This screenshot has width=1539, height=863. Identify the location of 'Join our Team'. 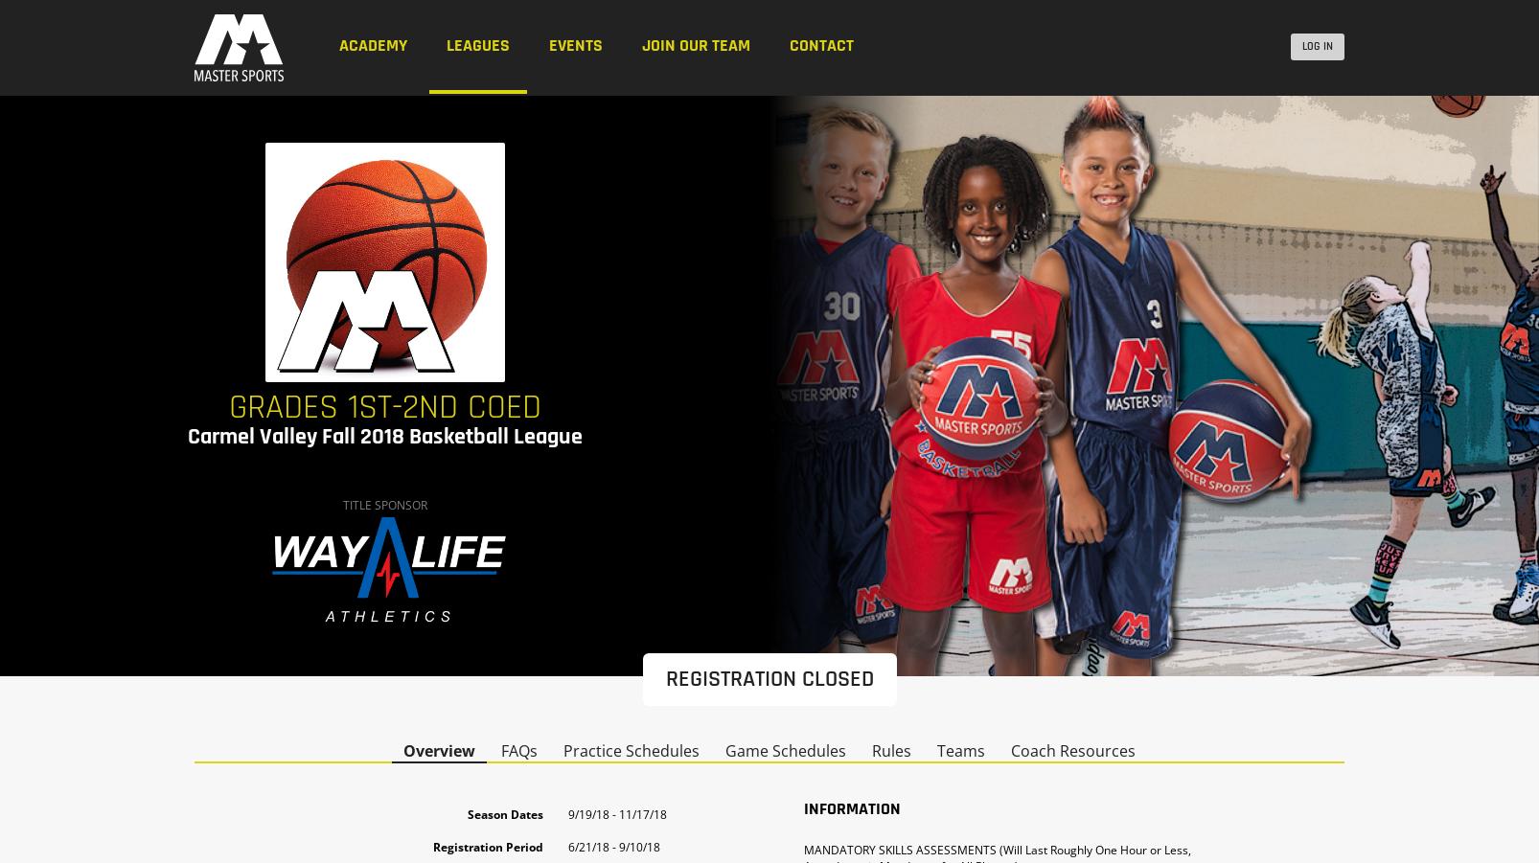
(696, 44).